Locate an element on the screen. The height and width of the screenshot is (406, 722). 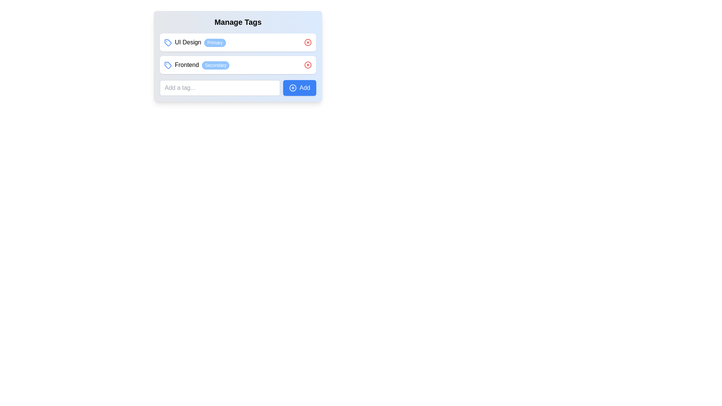
the label that provides additional information about the 'Frontend' entry, located to the right of the 'Frontend' text in the second row under 'Manage Tags' is located at coordinates (215, 65).